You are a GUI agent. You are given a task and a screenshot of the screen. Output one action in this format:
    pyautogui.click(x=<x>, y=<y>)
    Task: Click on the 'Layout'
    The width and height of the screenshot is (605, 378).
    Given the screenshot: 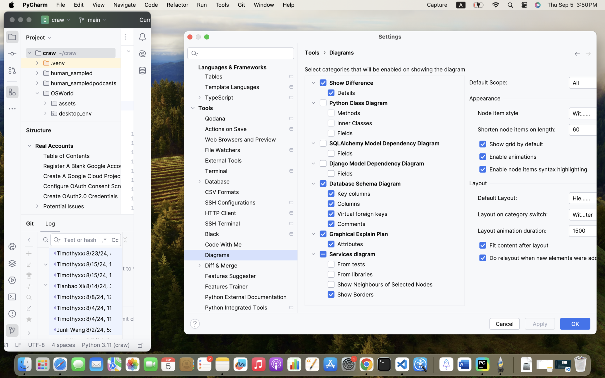 What is the action you would take?
    pyautogui.click(x=478, y=183)
    